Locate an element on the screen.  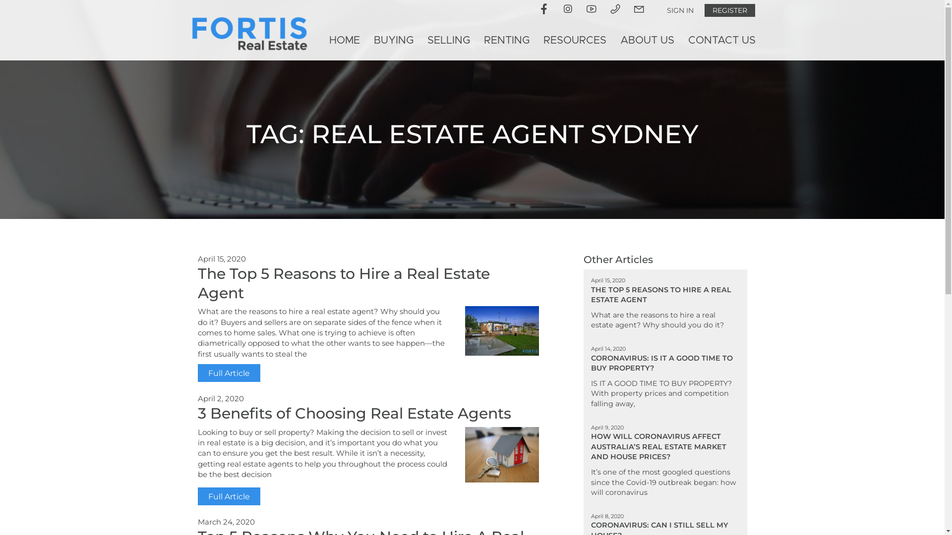
'RENTING' is located at coordinates (507, 40).